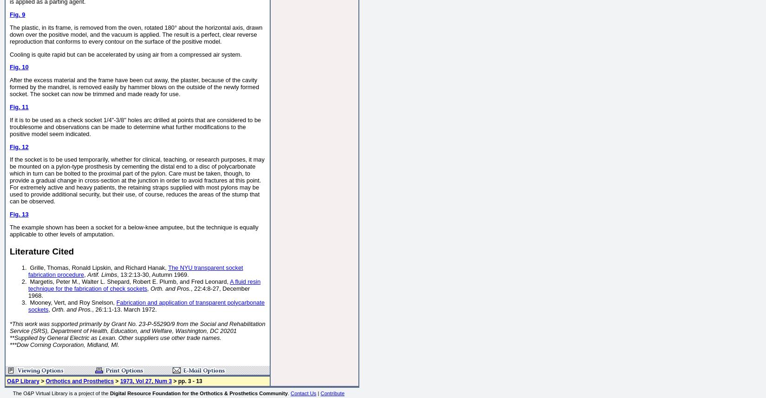  Describe the element at coordinates (115, 337) in the screenshot. I see `'**Supplied by General Electric as Lexan. Other suppliers use other trade names.'` at that location.